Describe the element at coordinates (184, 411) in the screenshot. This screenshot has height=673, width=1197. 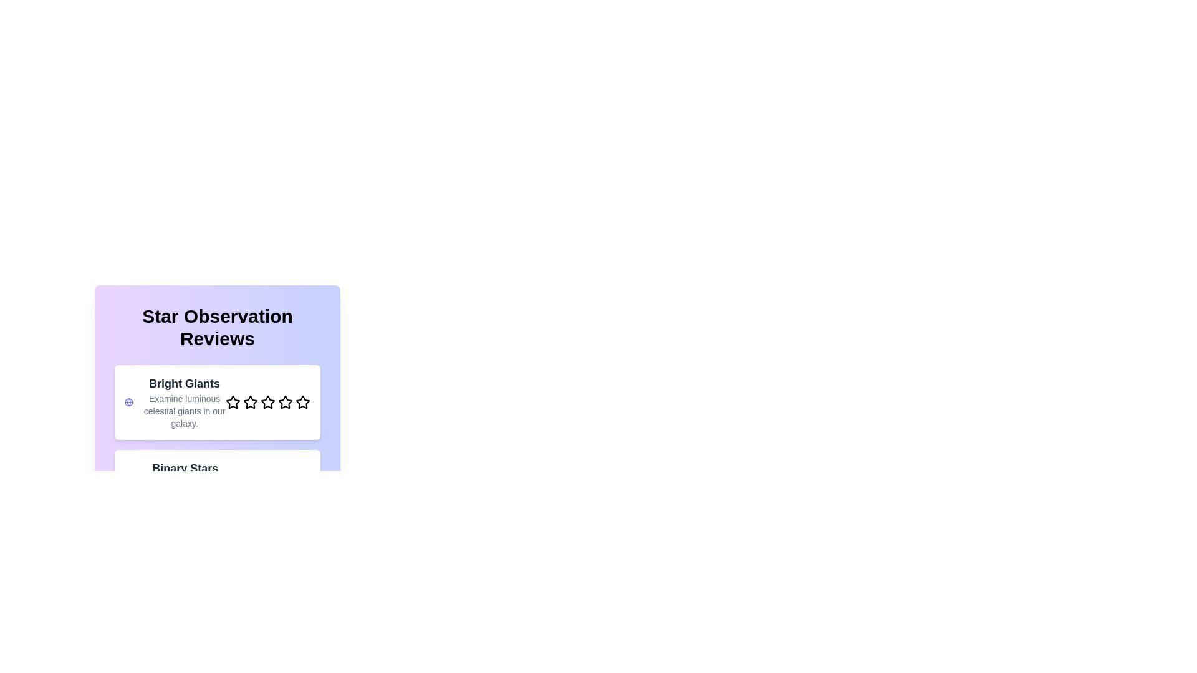
I see `the description text for the category 'Bright Giants' to display additional information` at that location.